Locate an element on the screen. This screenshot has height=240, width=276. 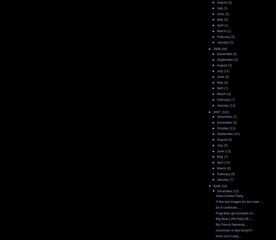
'A few last images for the road....' is located at coordinates (239, 202).